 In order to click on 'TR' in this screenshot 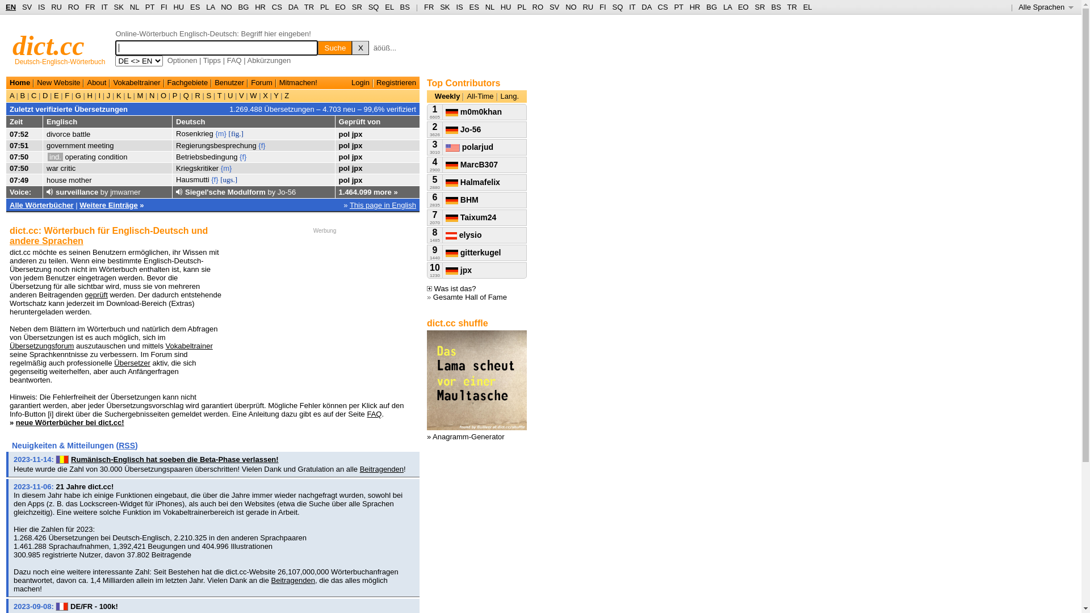, I will do `click(791, 7)`.